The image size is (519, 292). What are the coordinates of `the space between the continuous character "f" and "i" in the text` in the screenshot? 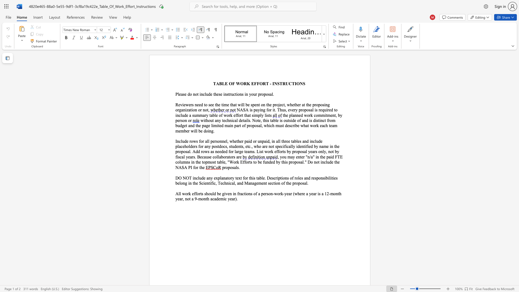 It's located at (212, 183).